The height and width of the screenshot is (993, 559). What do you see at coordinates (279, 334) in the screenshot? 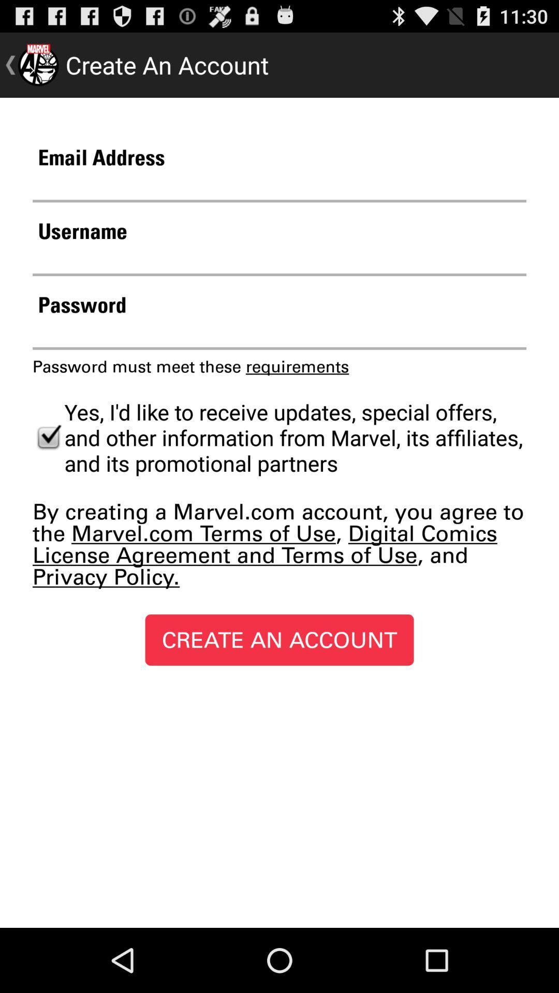
I see `password` at bounding box center [279, 334].